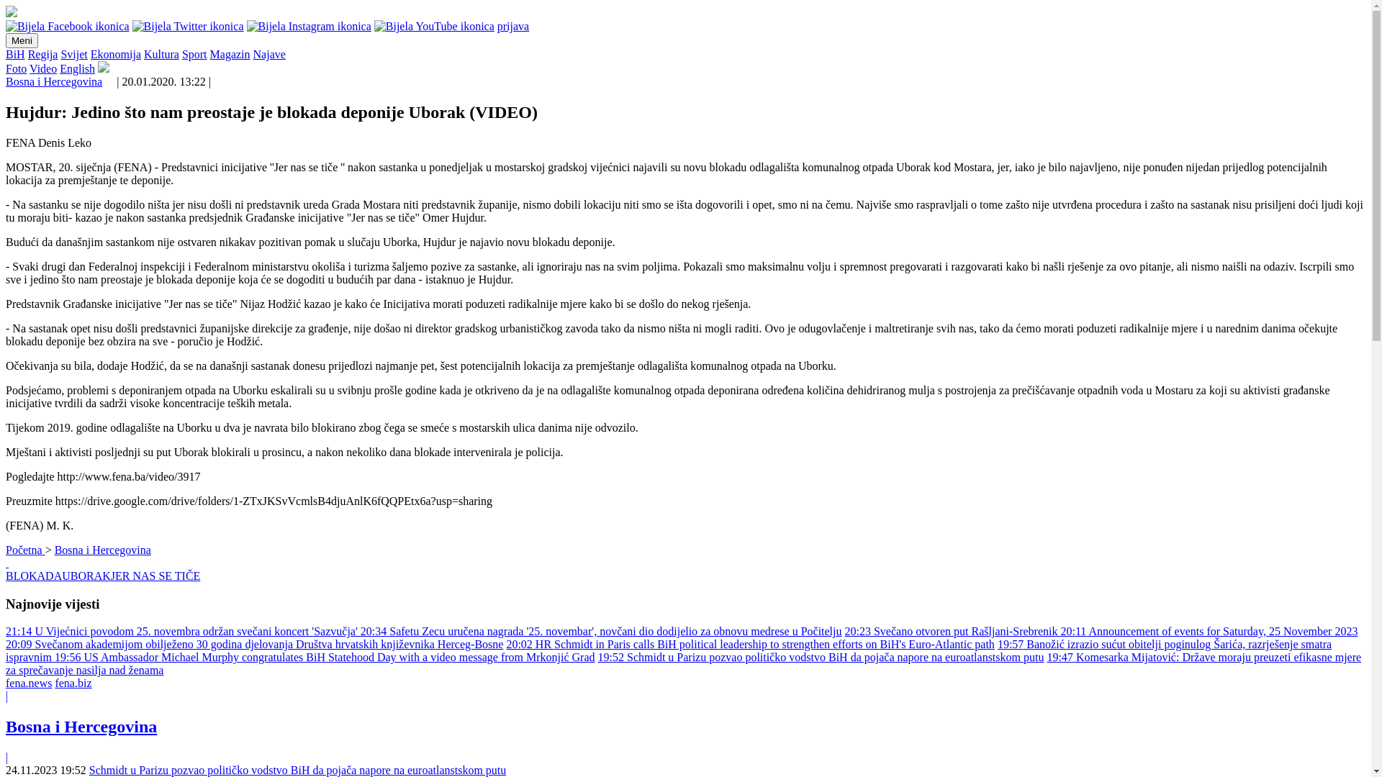  What do you see at coordinates (30, 68) in the screenshot?
I see `'Video'` at bounding box center [30, 68].